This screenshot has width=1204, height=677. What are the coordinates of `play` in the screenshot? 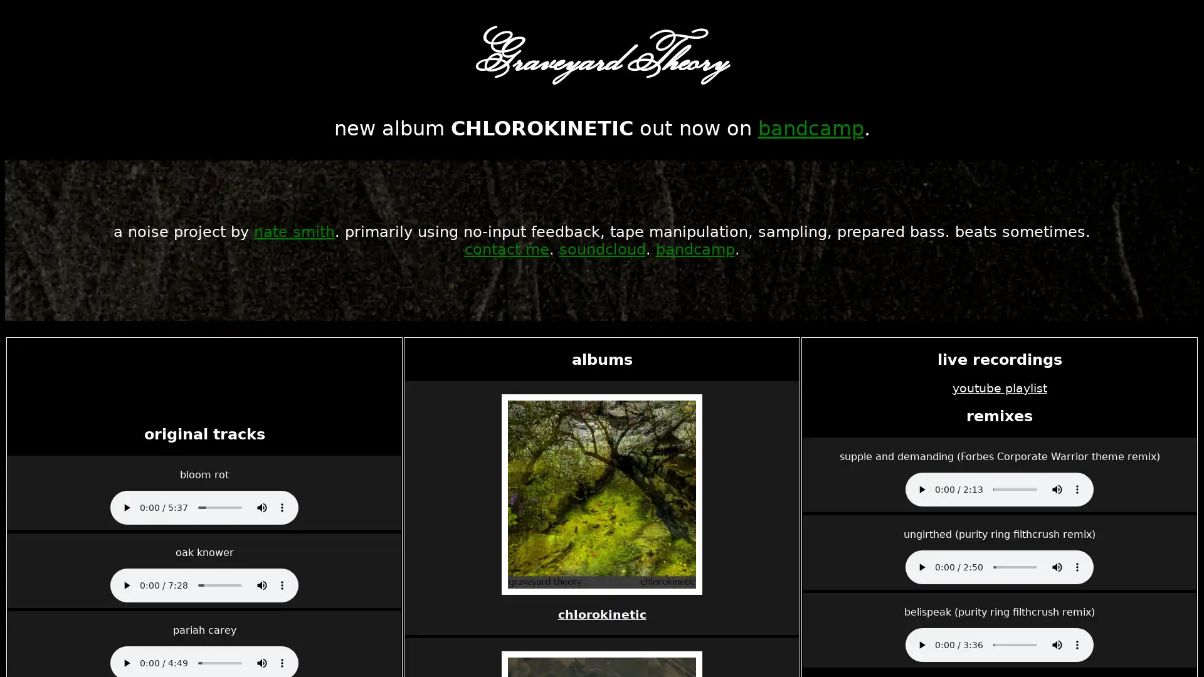 It's located at (126, 661).